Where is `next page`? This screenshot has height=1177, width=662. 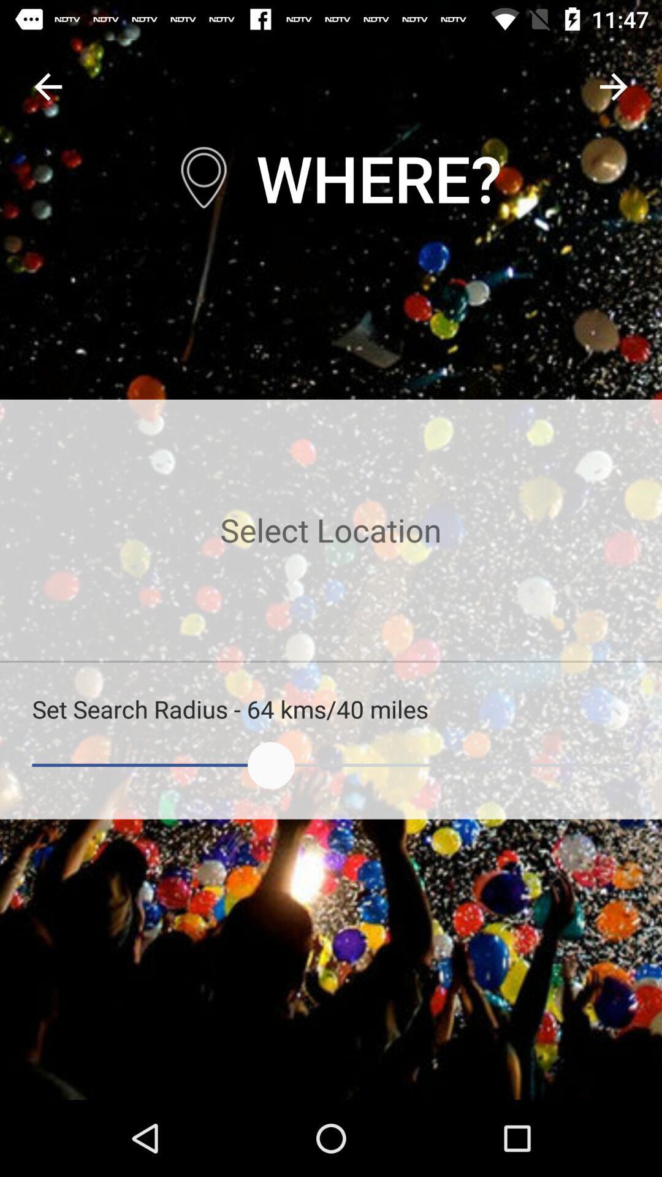
next page is located at coordinates (614, 86).